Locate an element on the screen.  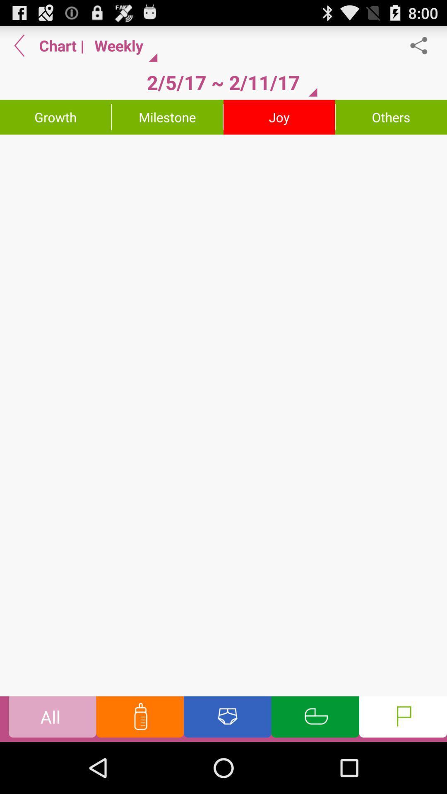
chart is located at coordinates (223, 415).